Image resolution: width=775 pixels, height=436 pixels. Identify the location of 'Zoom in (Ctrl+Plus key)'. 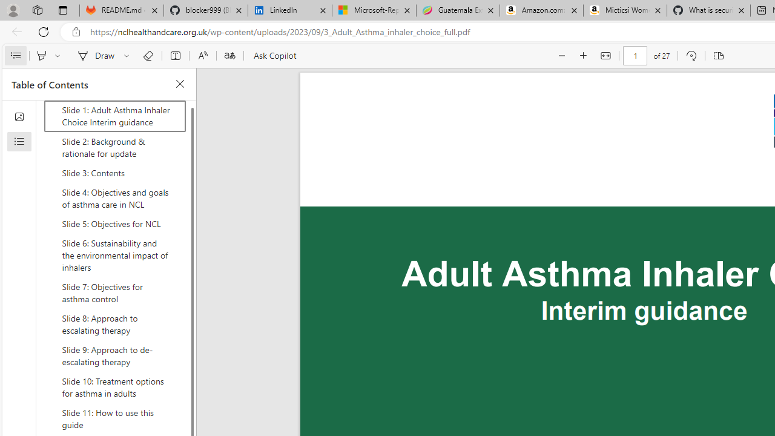
(584, 56).